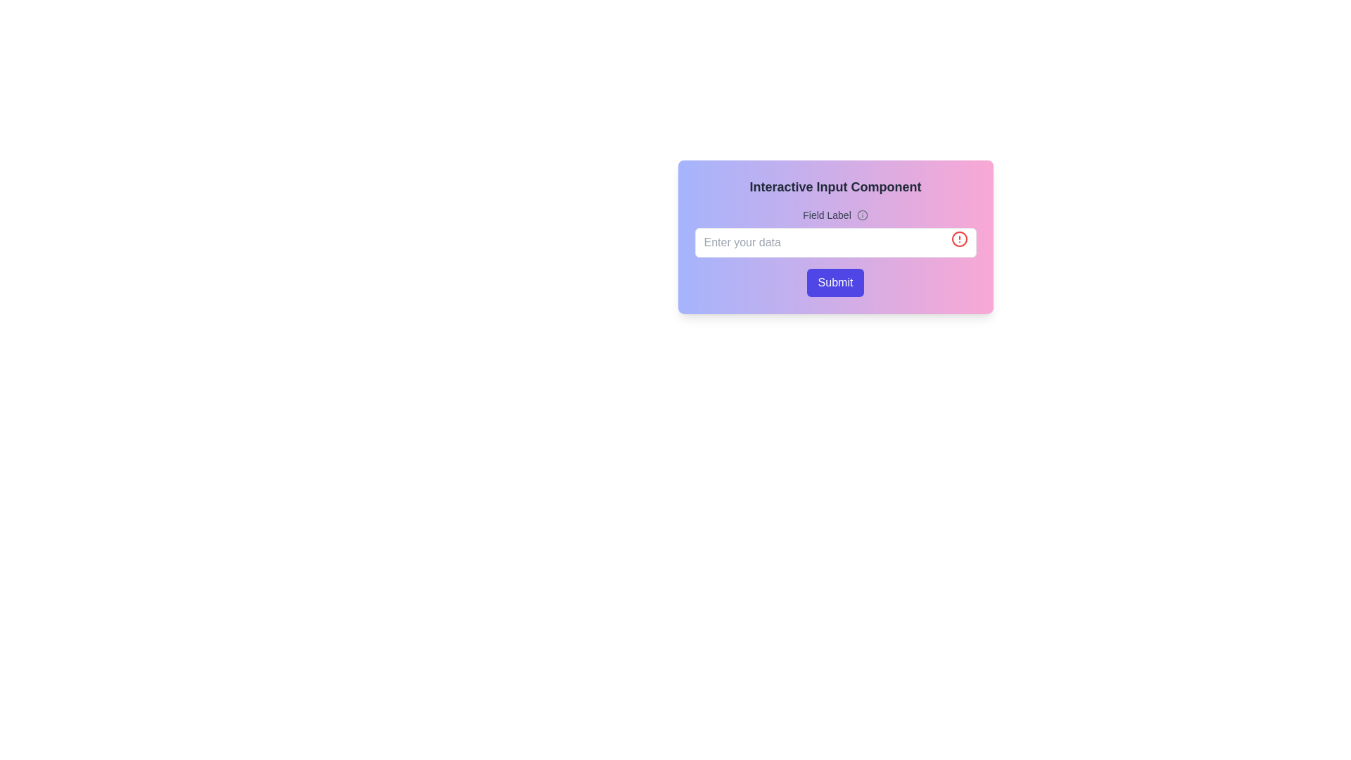 The width and height of the screenshot is (1351, 760). I want to click on the label that informs users of the adjacent input field's purpose, located above the input box with the placeholder text 'Enter your data', so click(835, 215).